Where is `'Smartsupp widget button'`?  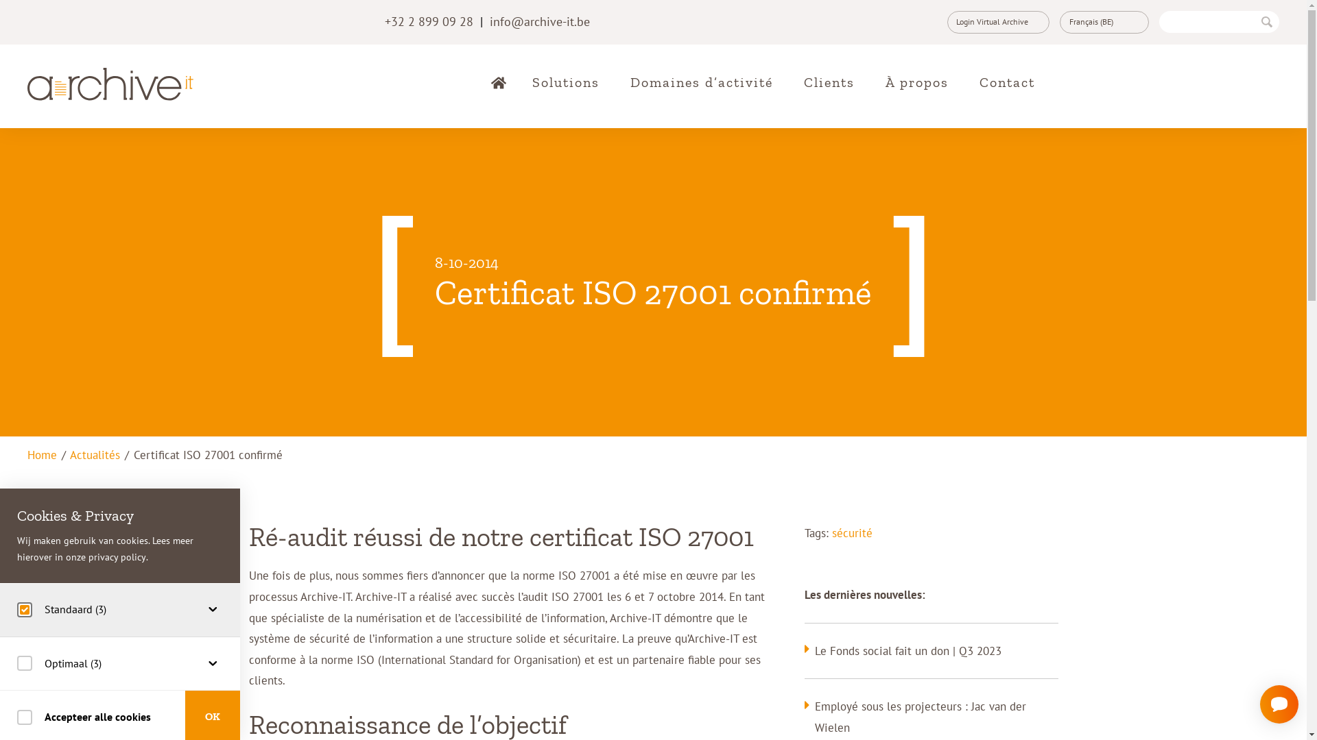
'Smartsupp widget button' is located at coordinates (1260, 704).